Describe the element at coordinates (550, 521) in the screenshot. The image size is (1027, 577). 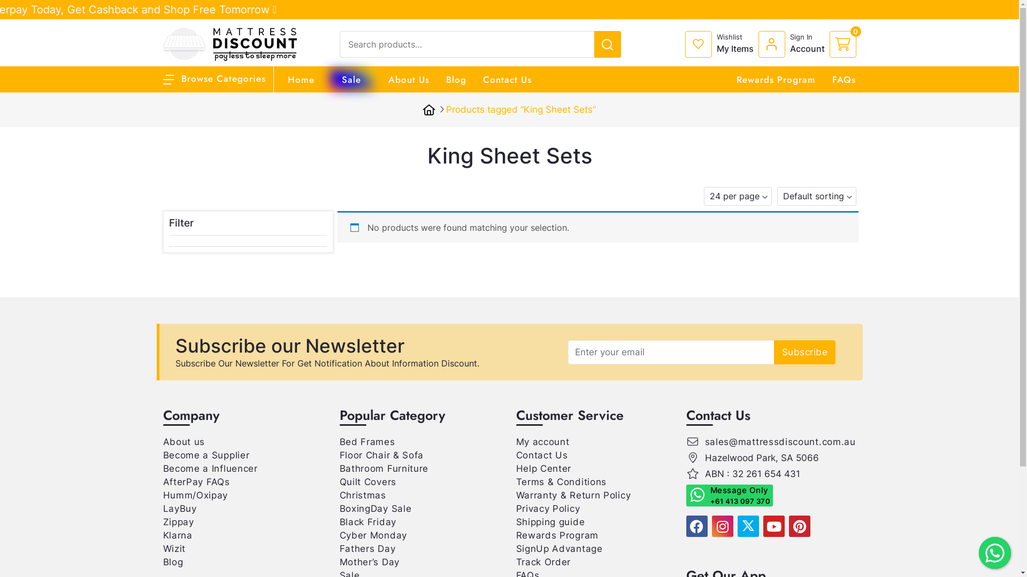
I see `'Shipping guide'` at that location.